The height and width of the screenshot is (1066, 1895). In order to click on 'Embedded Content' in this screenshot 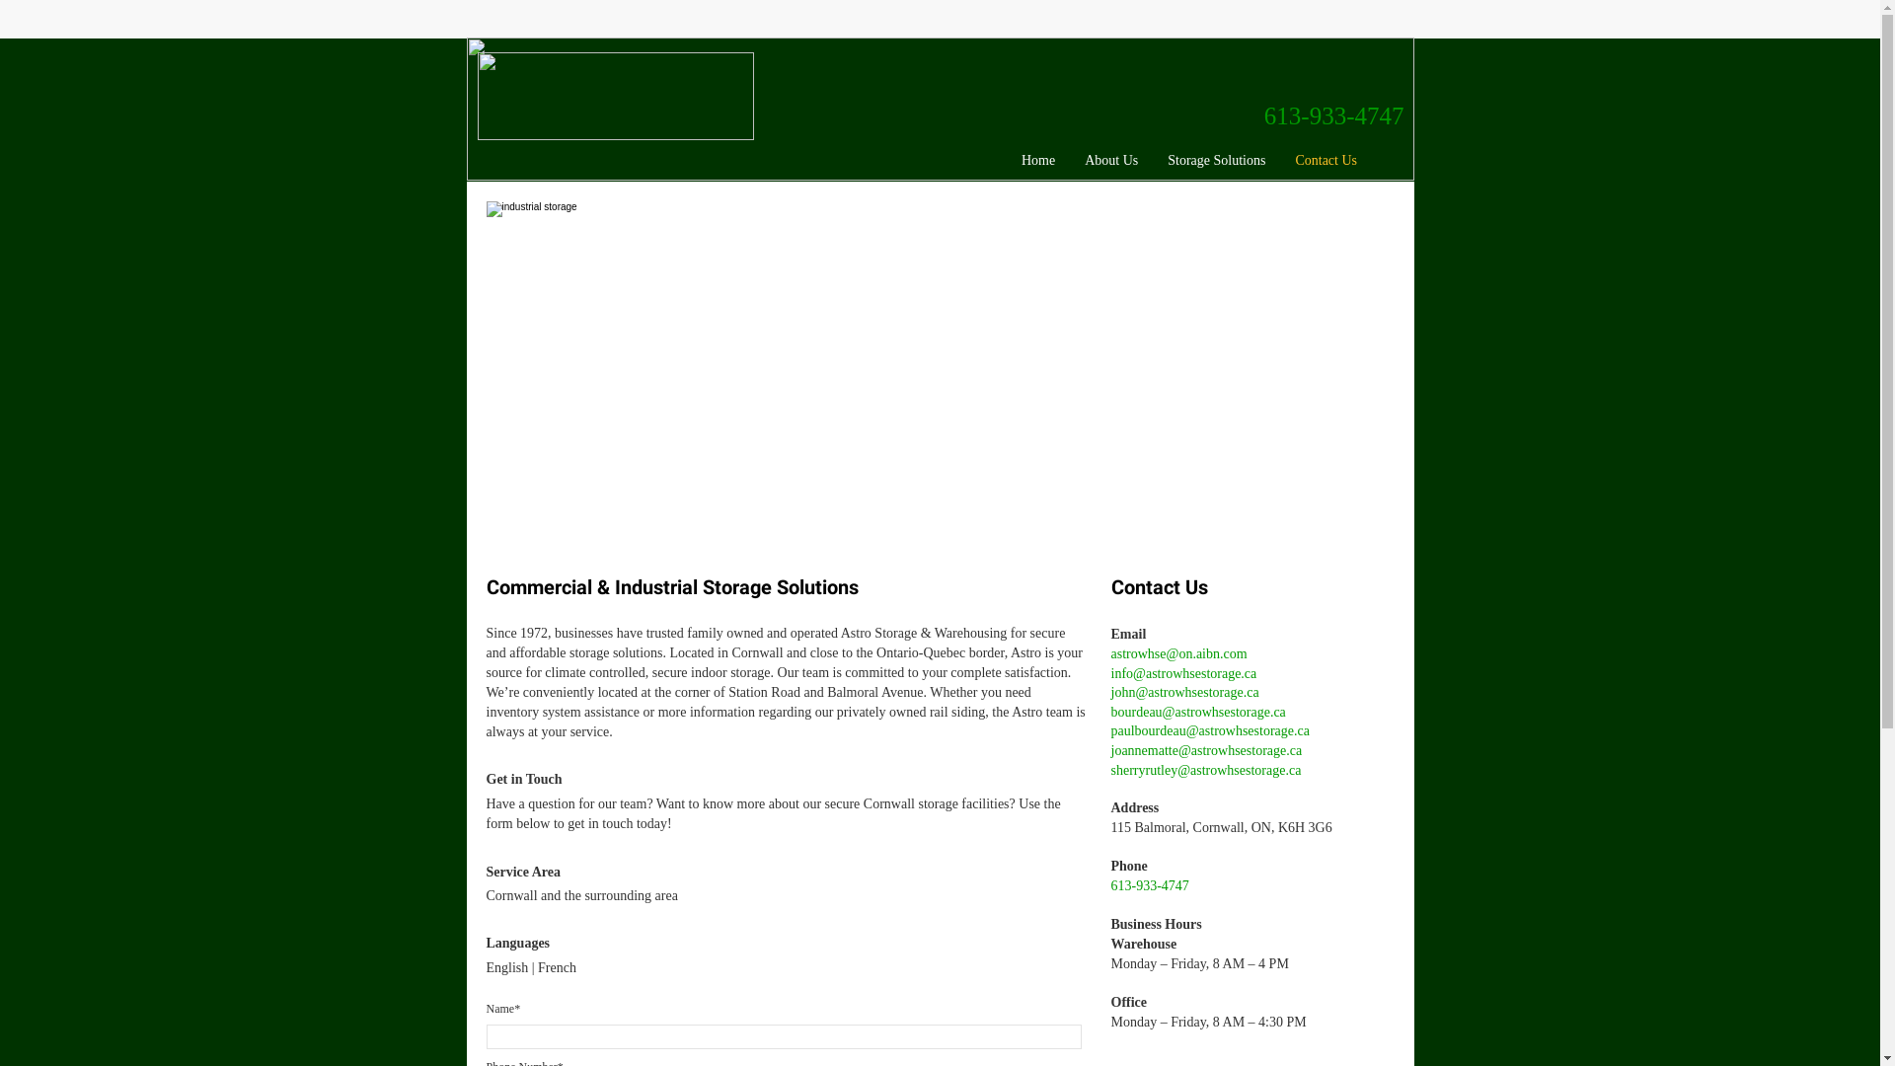, I will do `click(1266, 19)`.